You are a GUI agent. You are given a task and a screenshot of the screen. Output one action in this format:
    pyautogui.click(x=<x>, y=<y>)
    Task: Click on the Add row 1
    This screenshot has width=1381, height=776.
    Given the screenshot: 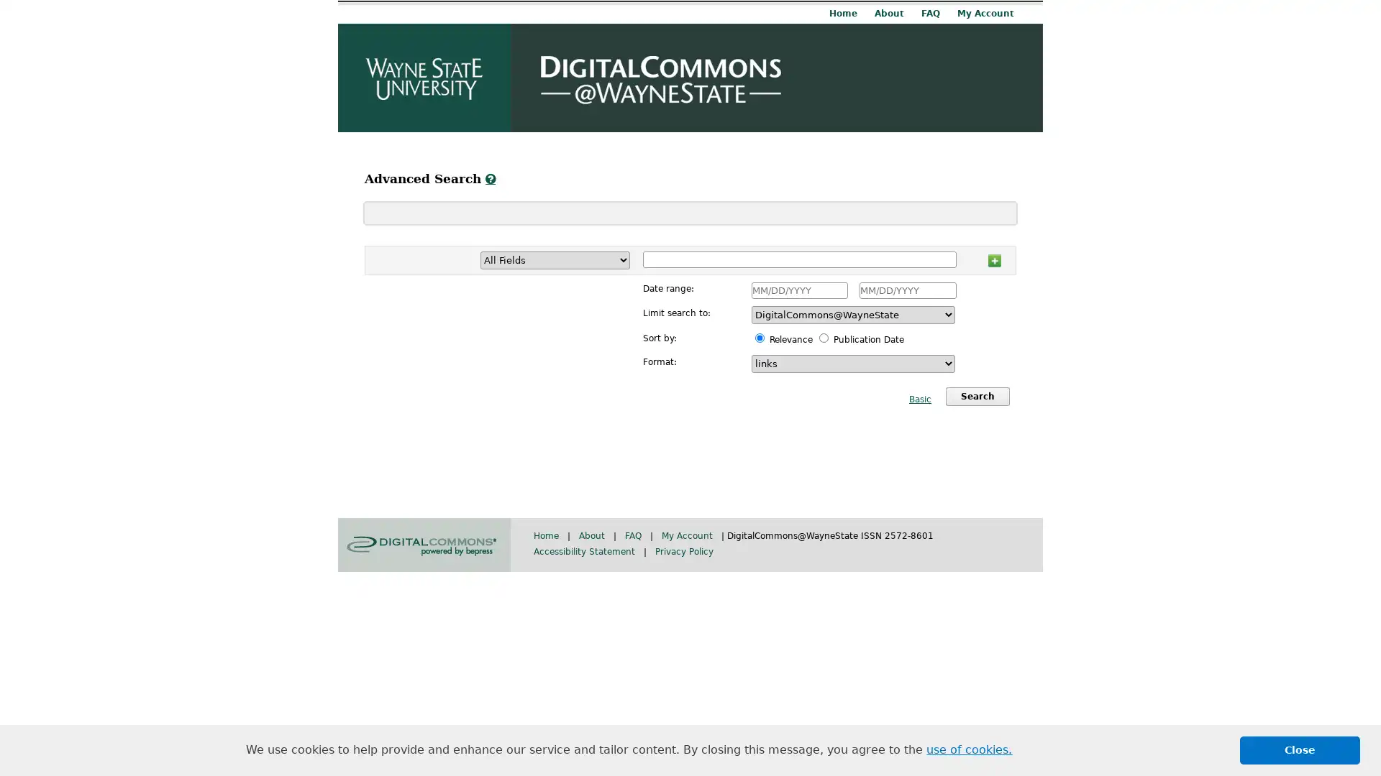 What is the action you would take?
    pyautogui.click(x=993, y=257)
    